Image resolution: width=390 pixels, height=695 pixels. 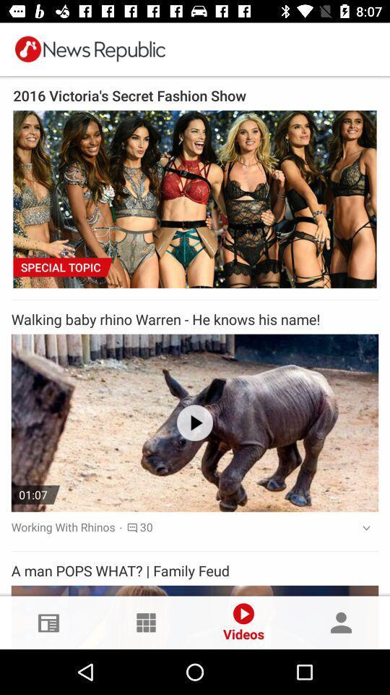 What do you see at coordinates (195, 422) in the screenshot?
I see `the play icon in the first video` at bounding box center [195, 422].